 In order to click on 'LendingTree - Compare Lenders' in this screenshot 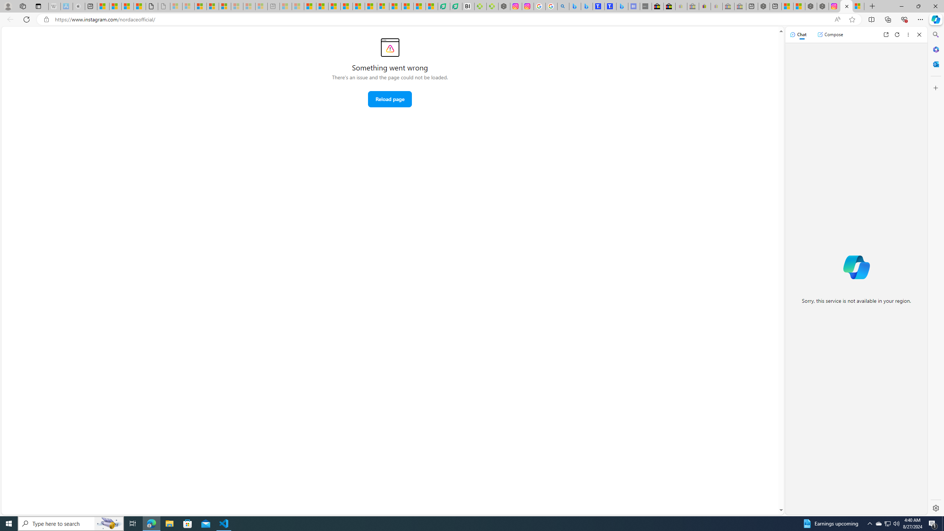, I will do `click(455, 6)`.